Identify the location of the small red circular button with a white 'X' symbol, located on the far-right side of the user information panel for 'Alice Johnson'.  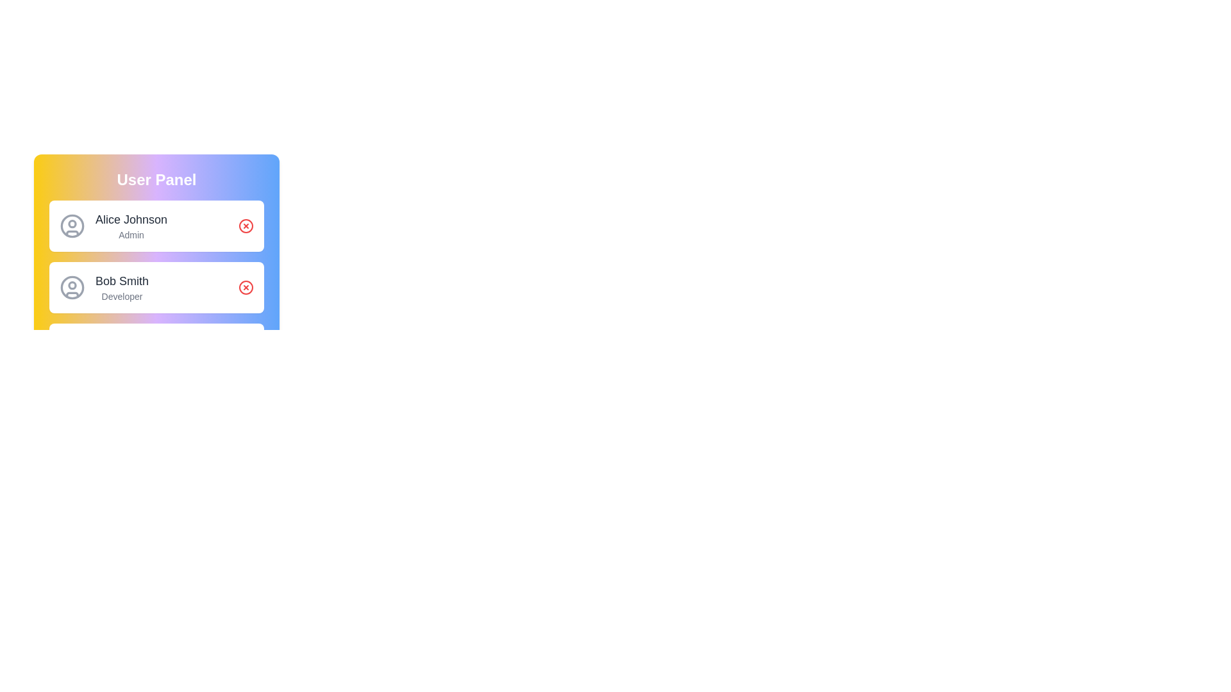
(246, 226).